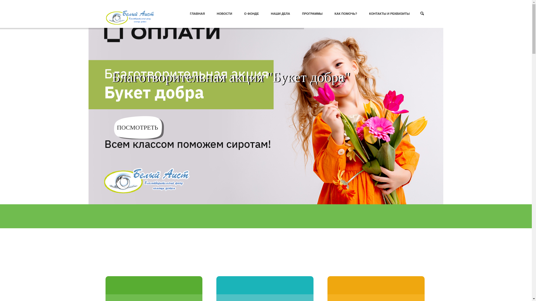  What do you see at coordinates (422, 13) in the screenshot?
I see `'Open/close search form'` at bounding box center [422, 13].